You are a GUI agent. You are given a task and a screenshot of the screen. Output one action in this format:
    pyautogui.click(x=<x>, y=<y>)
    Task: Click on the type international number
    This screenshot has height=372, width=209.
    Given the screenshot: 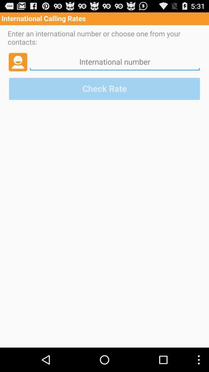 What is the action you would take?
    pyautogui.click(x=114, y=61)
    